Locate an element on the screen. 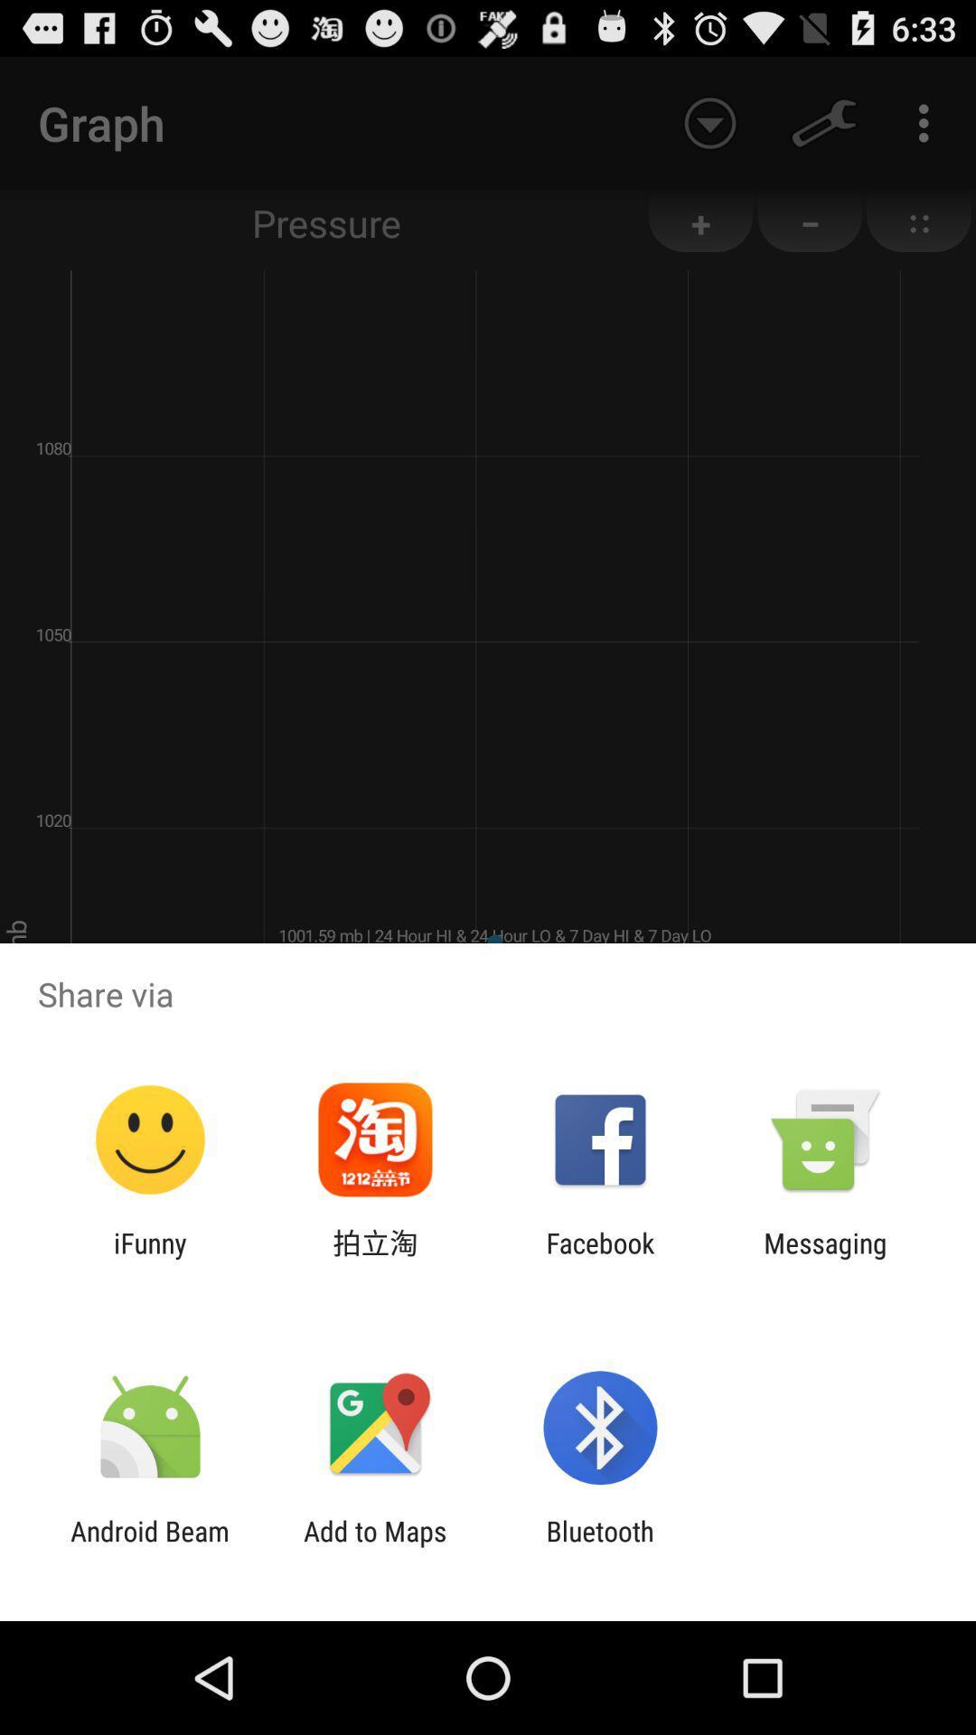 The width and height of the screenshot is (976, 1735). item to the right of ifunny app is located at coordinates (374, 1258).